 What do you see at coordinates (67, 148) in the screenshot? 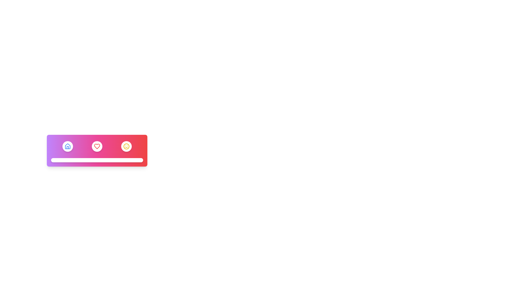
I see `the vertical line element representing a door or window in the house icon, which is the first icon from the left in the navigation bar` at bounding box center [67, 148].